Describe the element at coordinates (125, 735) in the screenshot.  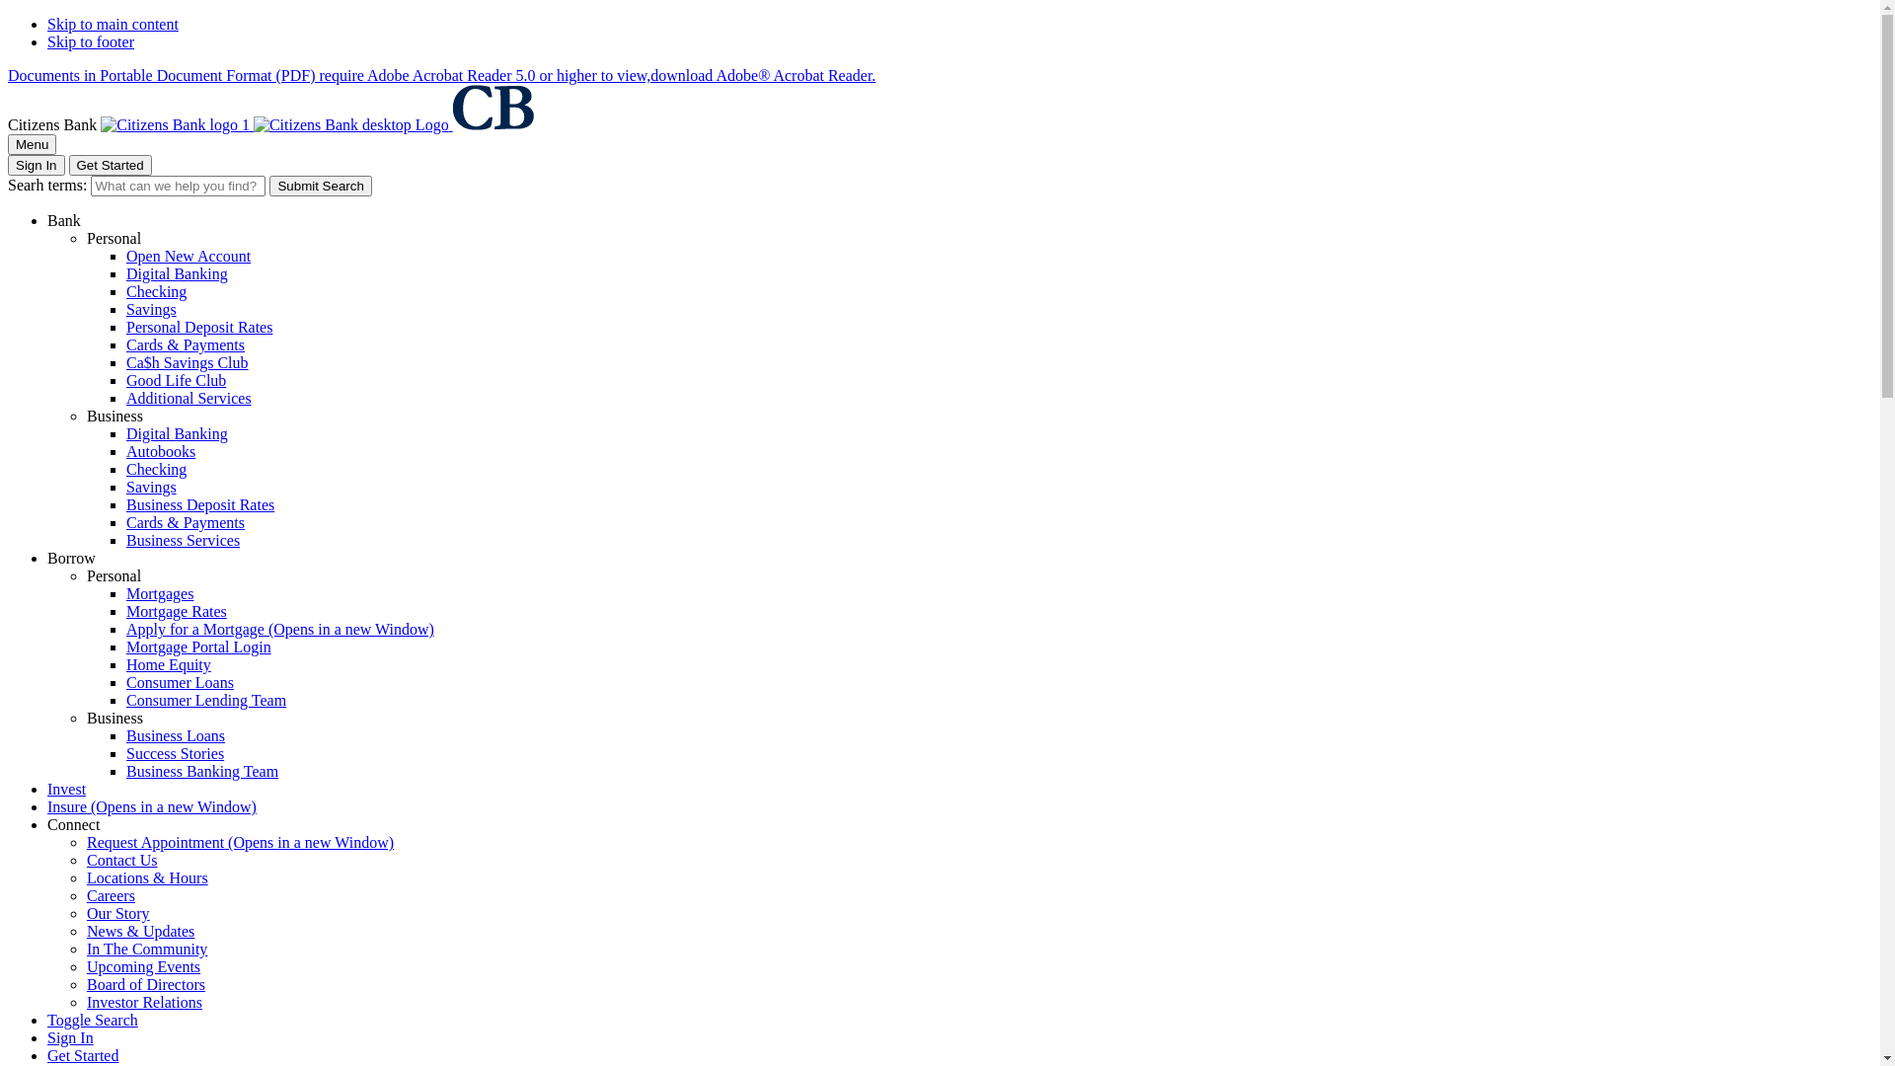
I see `'Business Loans'` at that location.